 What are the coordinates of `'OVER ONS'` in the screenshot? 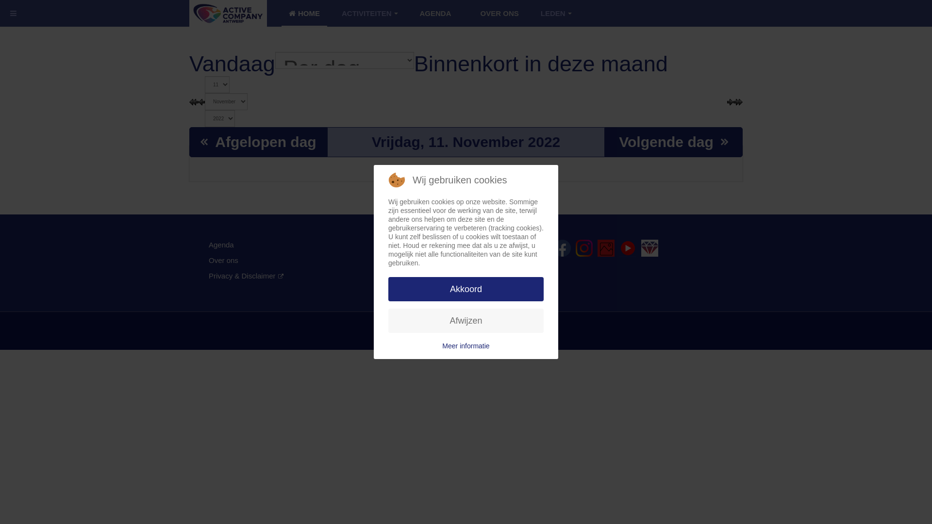 It's located at (499, 13).